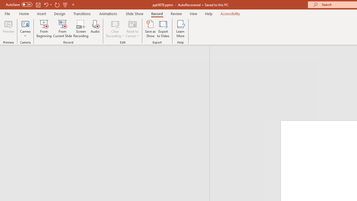 The width and height of the screenshot is (357, 201). What do you see at coordinates (25, 29) in the screenshot?
I see `'Cameo'` at bounding box center [25, 29].